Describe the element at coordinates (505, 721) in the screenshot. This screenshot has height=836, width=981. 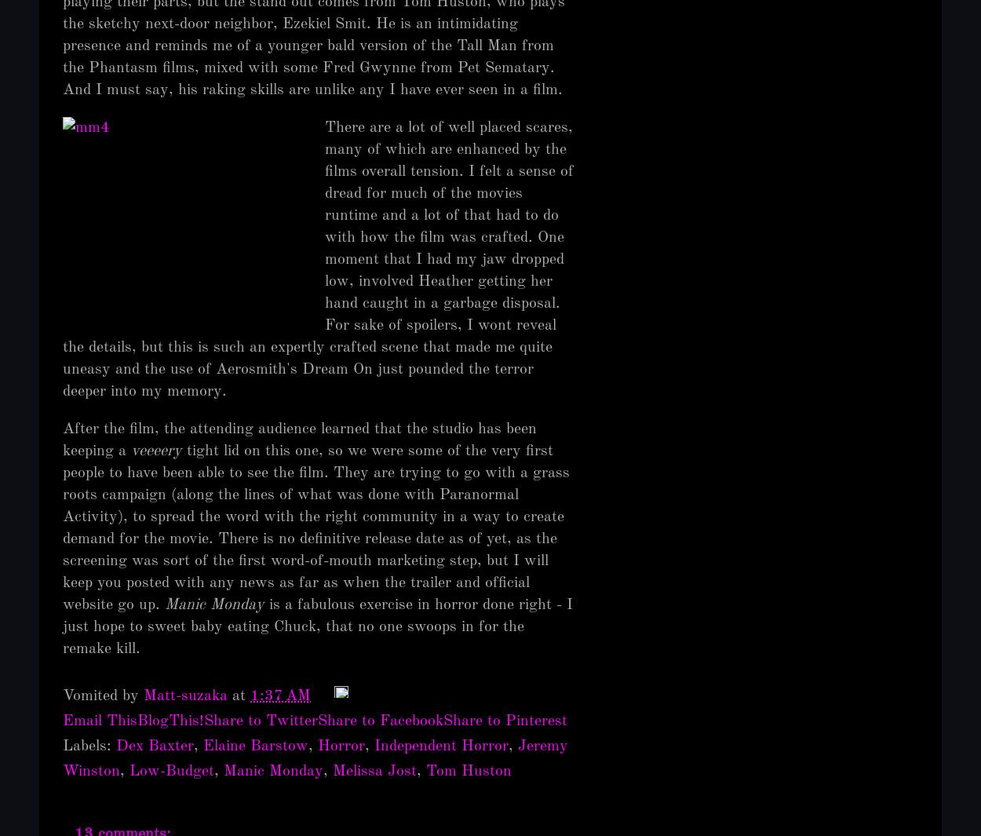
I see `'Share to Pinterest'` at that location.